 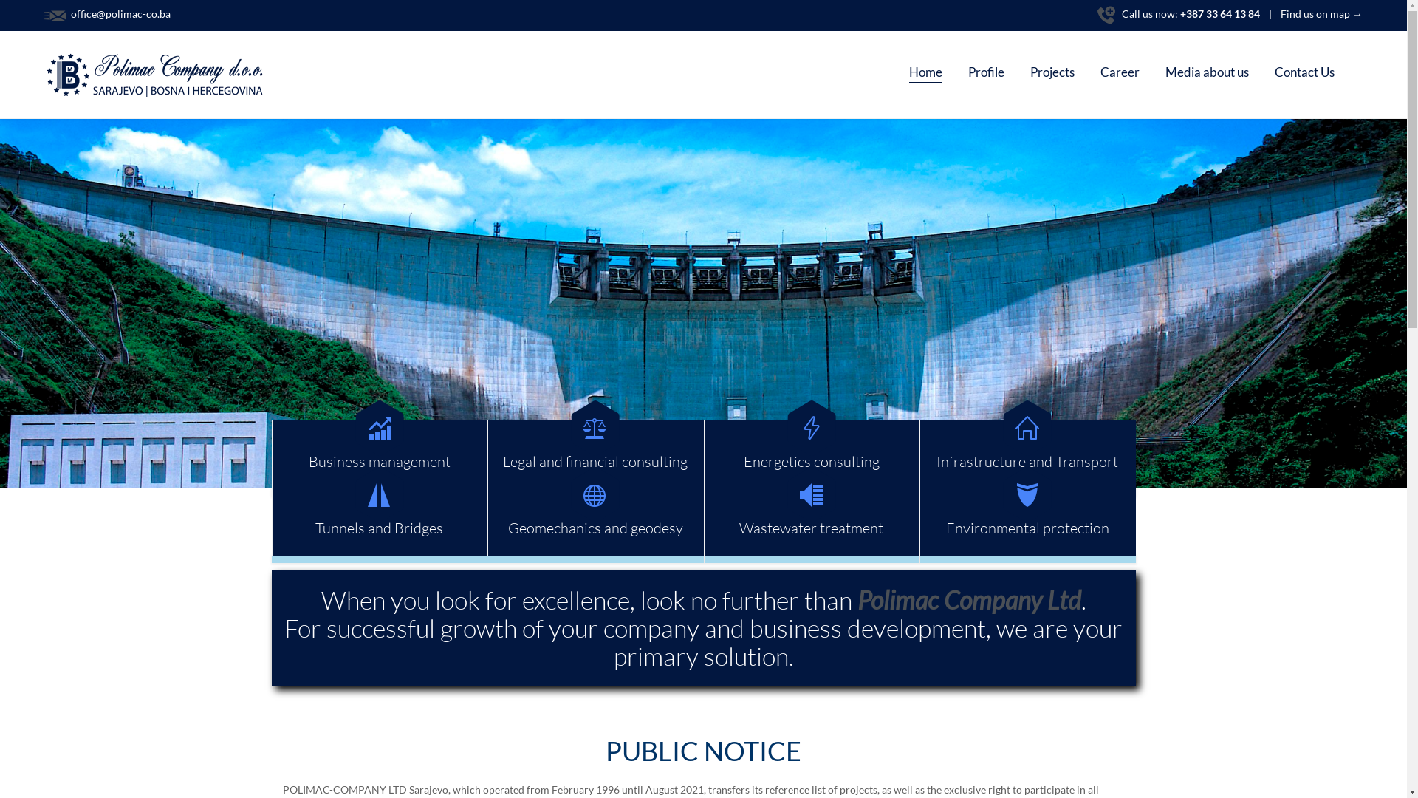 What do you see at coordinates (1165, 74) in the screenshot?
I see `'Media about us'` at bounding box center [1165, 74].